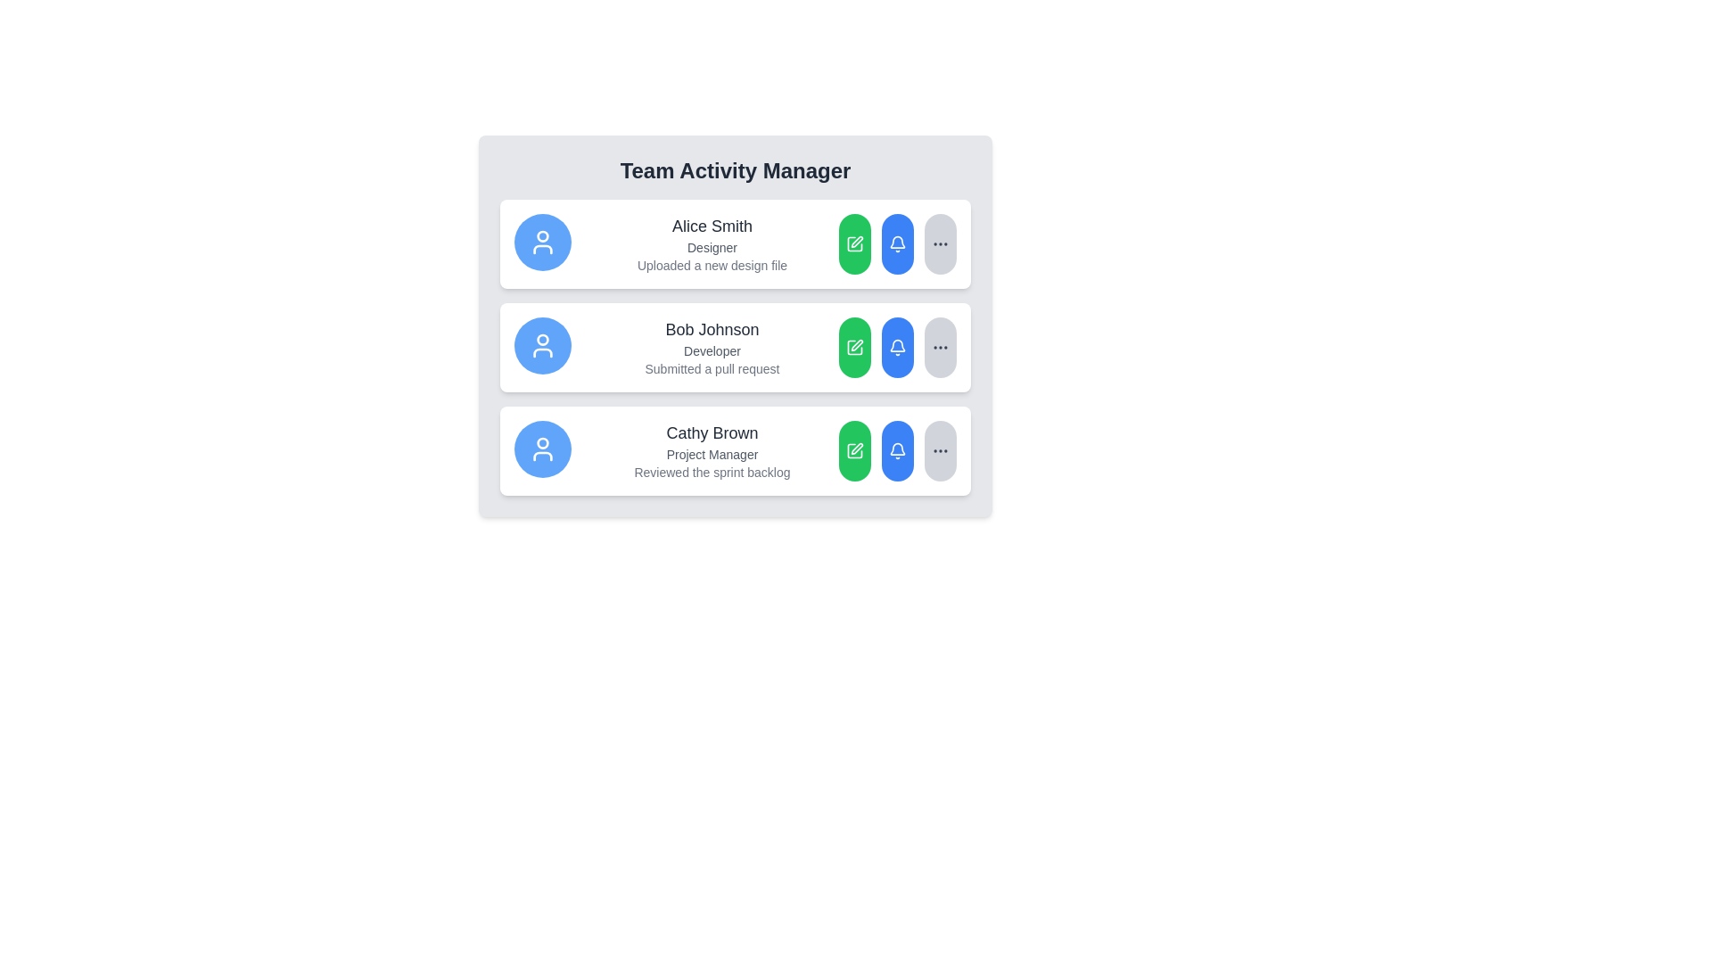  What do you see at coordinates (711, 350) in the screenshot?
I see `the static text label displaying 'Developer', which is located below the name 'Bob Johnson' within the activity card` at bounding box center [711, 350].